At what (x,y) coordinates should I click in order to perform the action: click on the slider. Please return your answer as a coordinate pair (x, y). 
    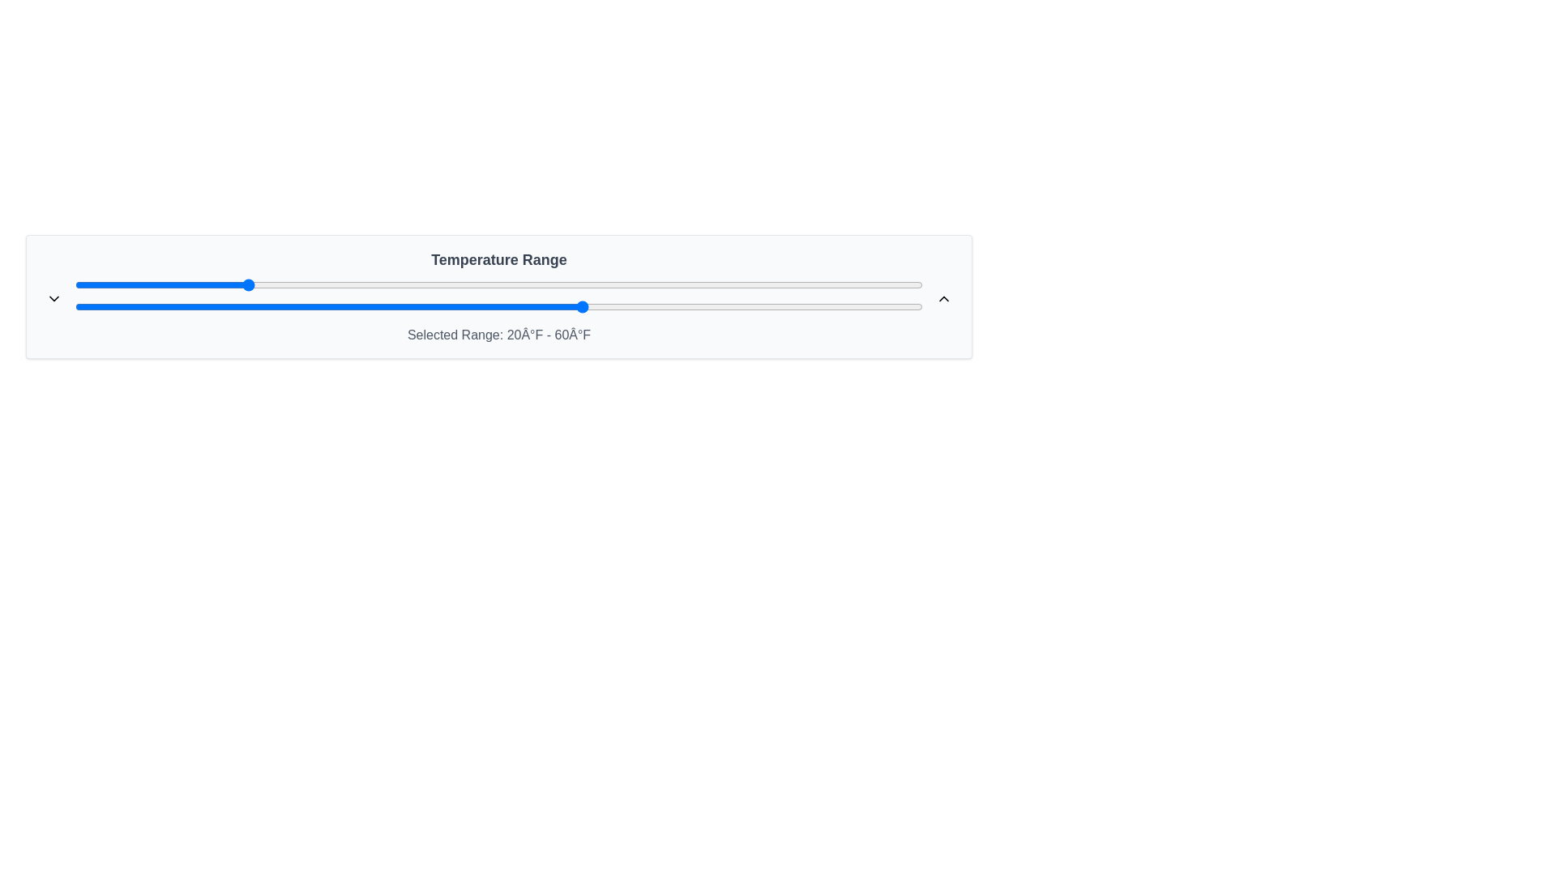
    Looking at the image, I should click on (91, 306).